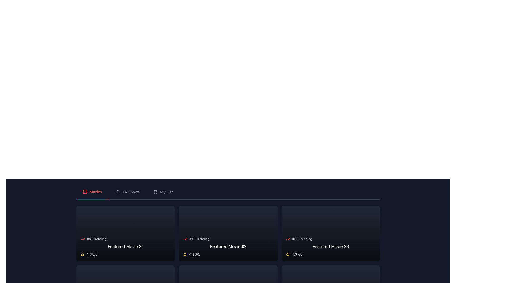 The image size is (506, 285). Describe the element at coordinates (92, 254) in the screenshot. I see `the average user rating text label located immediately to the right of the yellow star icon in the 'Featured Movie $1' card` at that location.